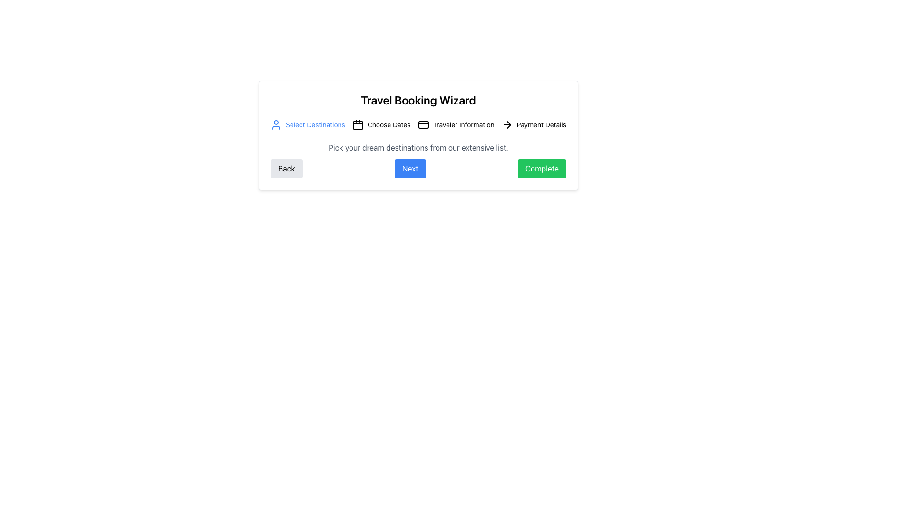  Describe the element at coordinates (418, 148) in the screenshot. I see `the static text block displaying the instruction 'Pick your dream destinations from our extensive list.' which is centrally positioned above the buttons in a wizard-style interface` at that location.